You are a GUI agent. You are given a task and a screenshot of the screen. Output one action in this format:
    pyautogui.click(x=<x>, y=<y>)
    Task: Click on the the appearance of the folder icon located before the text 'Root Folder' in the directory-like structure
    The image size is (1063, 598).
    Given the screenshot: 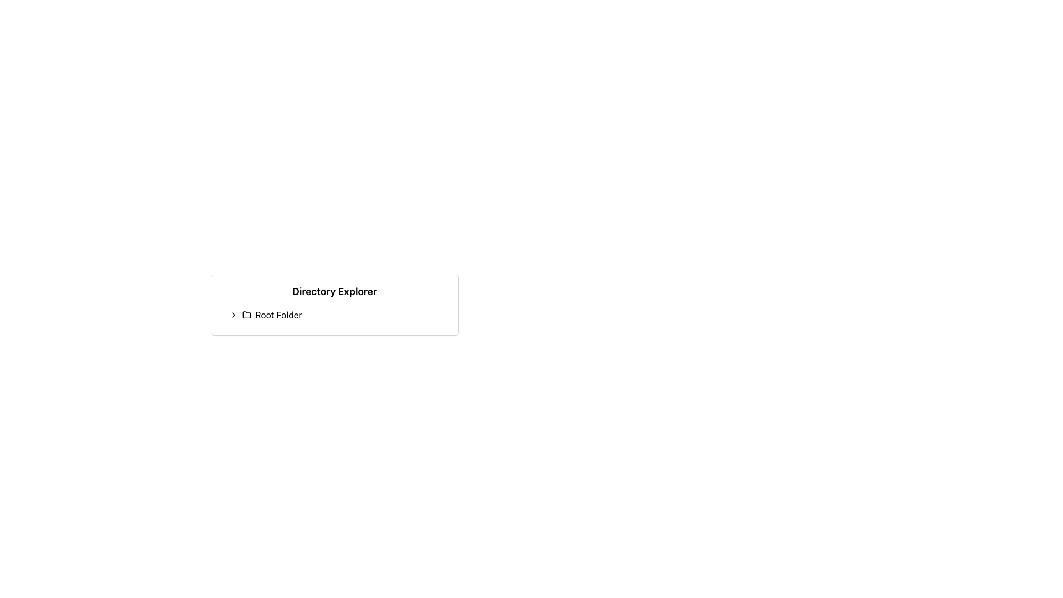 What is the action you would take?
    pyautogui.click(x=246, y=315)
    